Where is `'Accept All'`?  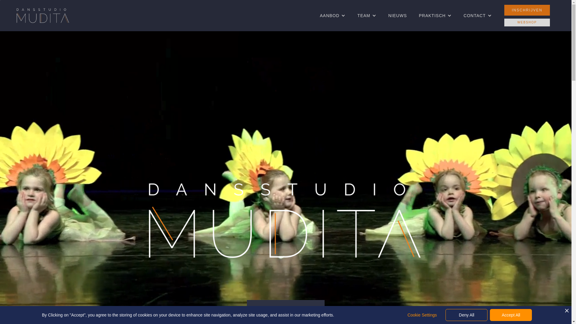 'Accept All' is located at coordinates (511, 314).